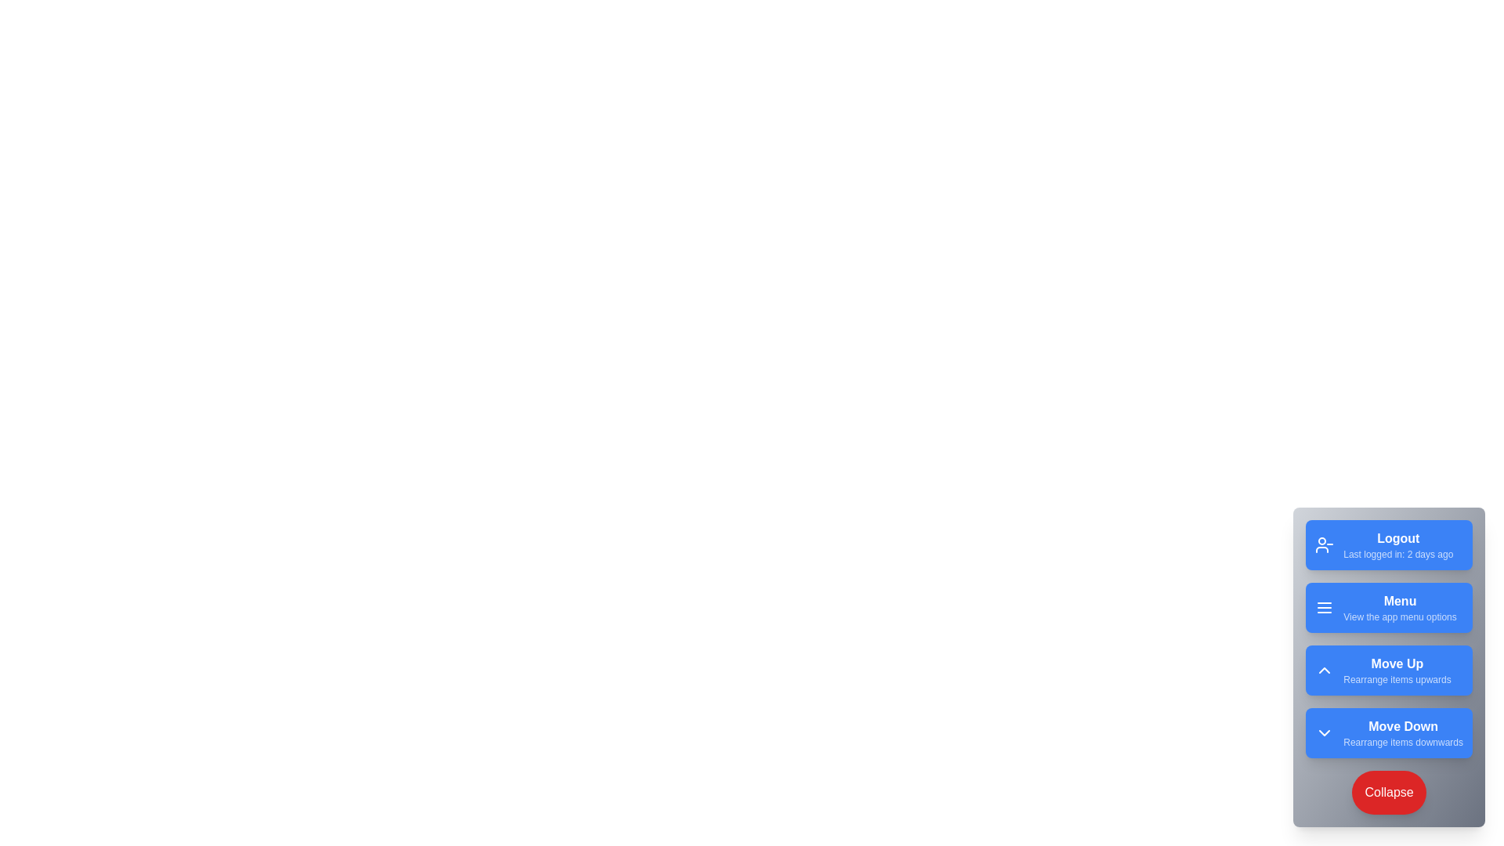  What do you see at coordinates (1403, 727) in the screenshot?
I see `the Text label that indicates the functionality of moving an item downward, positioned at the bottom-right of the interface` at bounding box center [1403, 727].